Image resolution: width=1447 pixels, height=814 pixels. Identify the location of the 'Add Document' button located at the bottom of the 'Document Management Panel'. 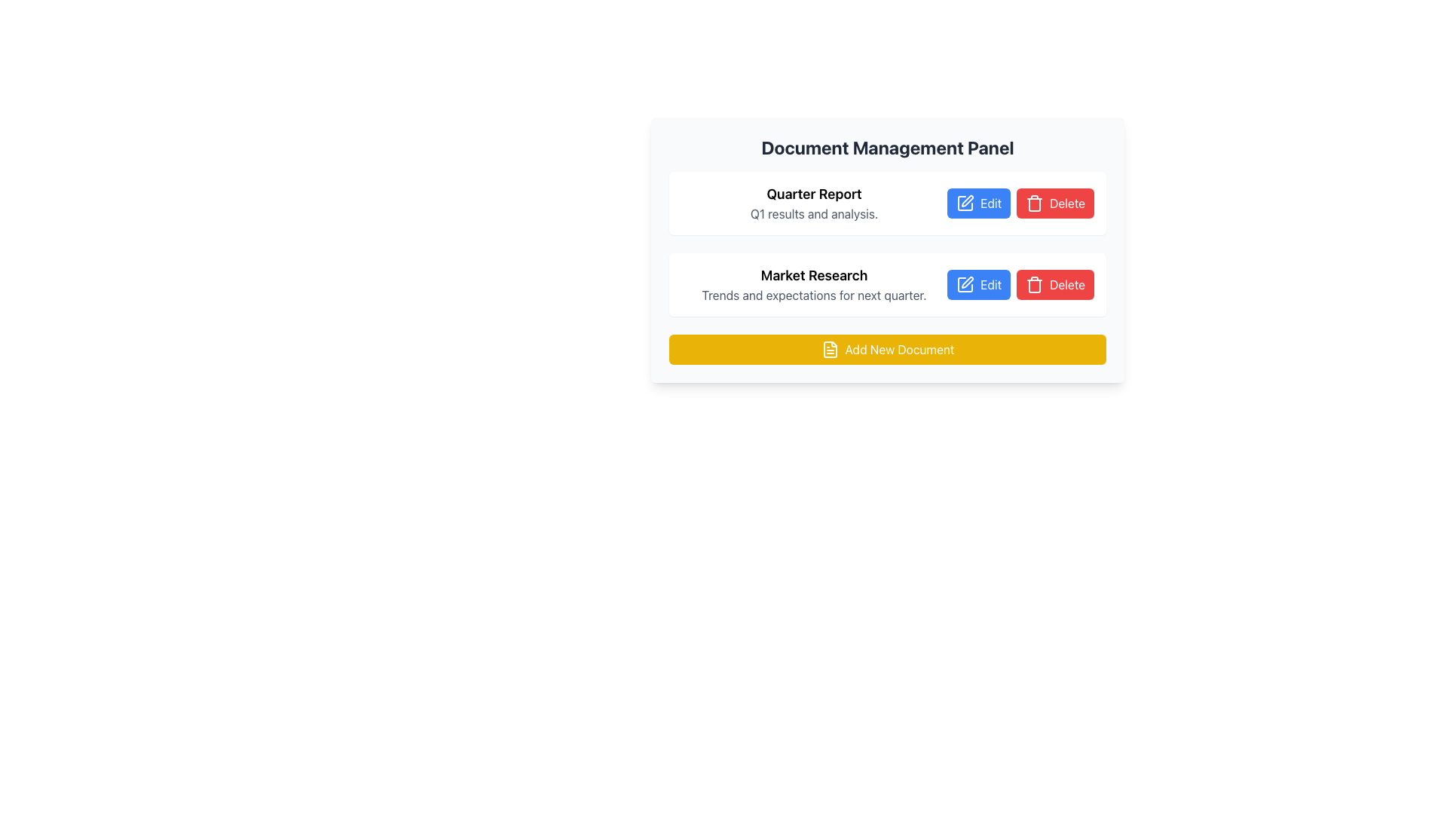
(887, 349).